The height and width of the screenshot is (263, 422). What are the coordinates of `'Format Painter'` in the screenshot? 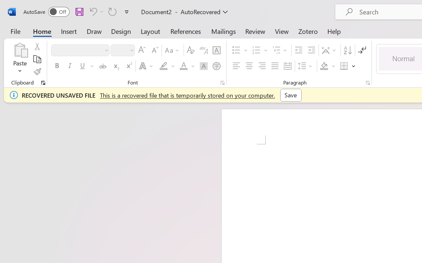 It's located at (37, 72).